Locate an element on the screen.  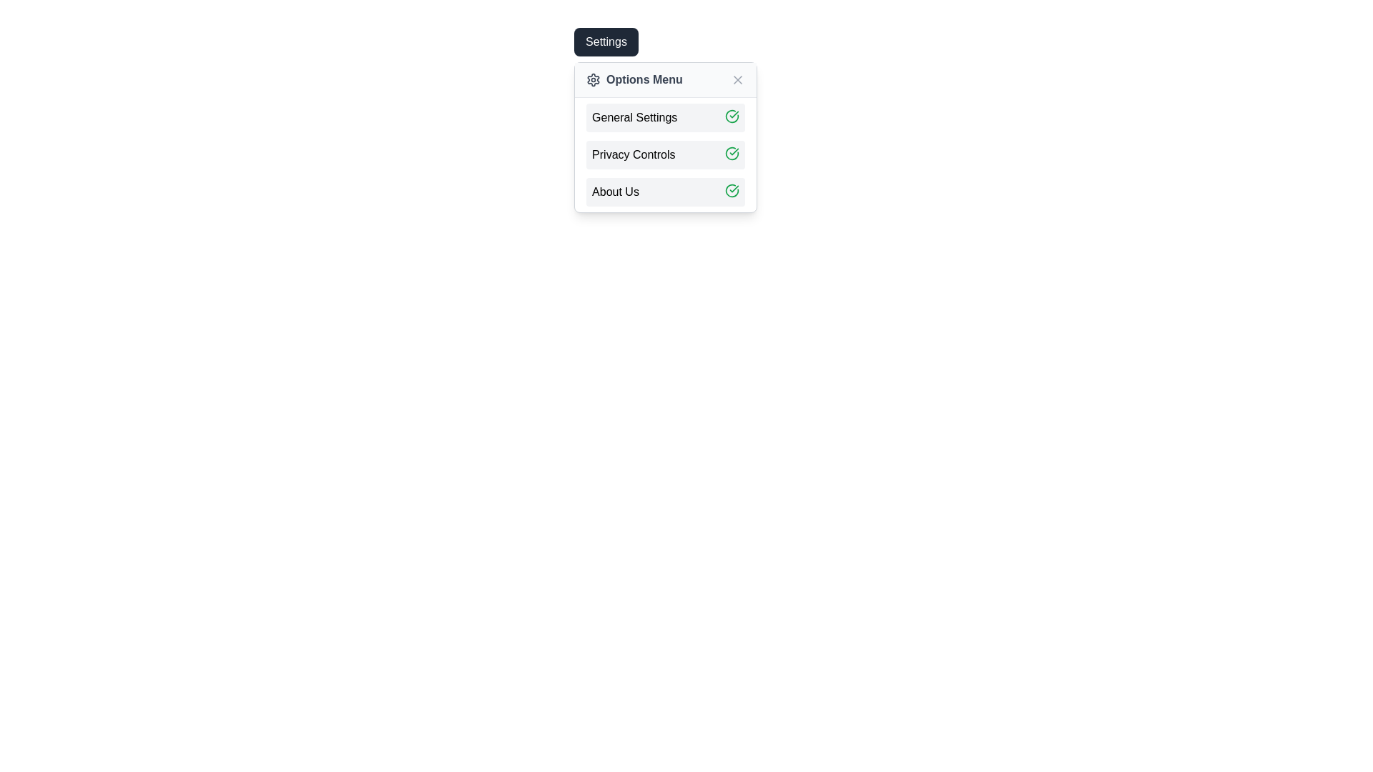
the close button located on the far right of the 'Options Menu' is located at coordinates (738, 79).